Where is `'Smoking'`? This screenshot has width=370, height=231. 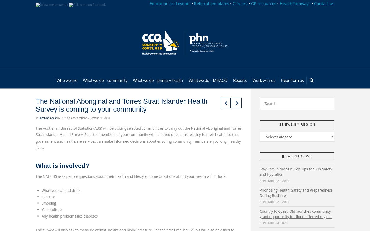 'Smoking' is located at coordinates (48, 203).